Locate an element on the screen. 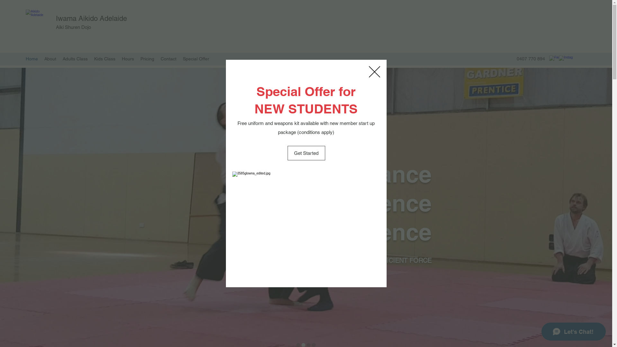  'Contact' is located at coordinates (168, 58).